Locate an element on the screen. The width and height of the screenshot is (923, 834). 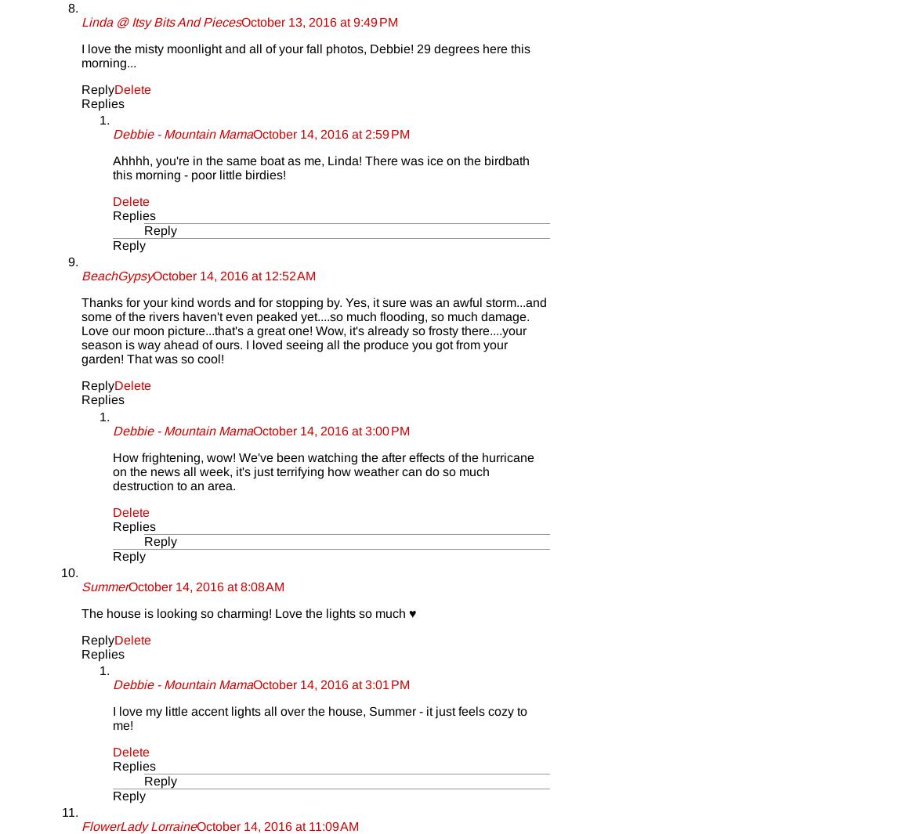
'October 14, 2016 at 2:59 PM' is located at coordinates (253, 133).